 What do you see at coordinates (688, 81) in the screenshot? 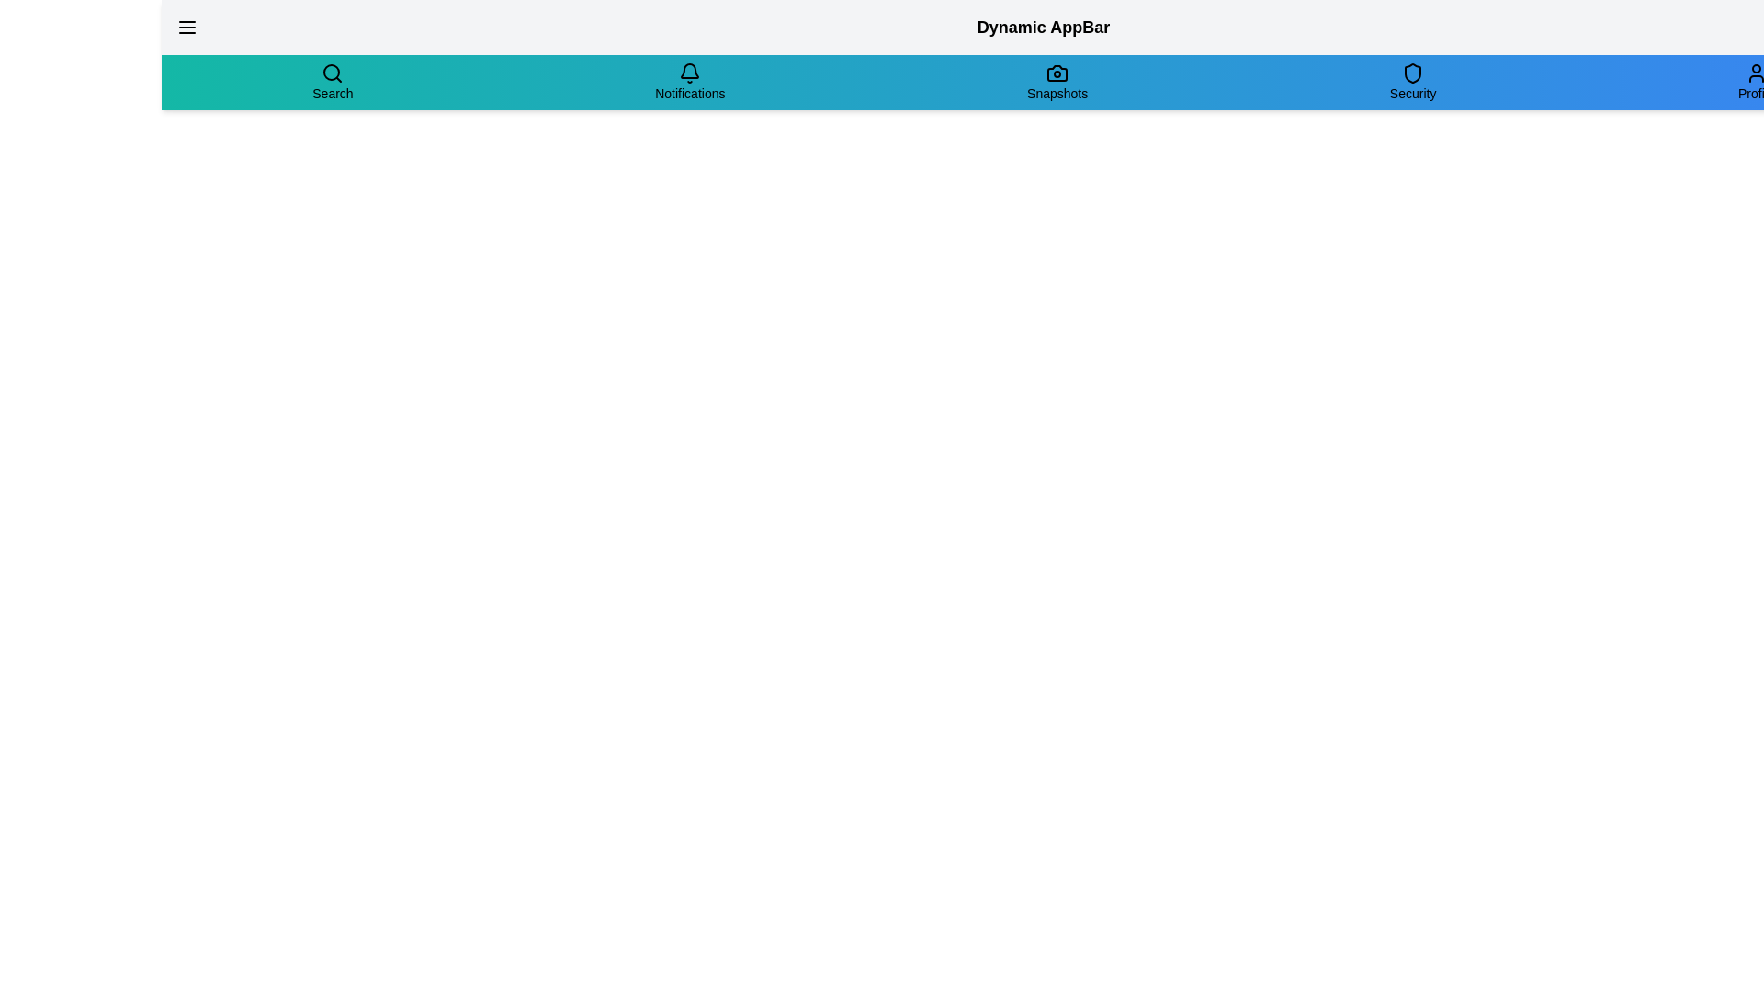
I see `the navigation item labeled Notifications` at bounding box center [688, 81].